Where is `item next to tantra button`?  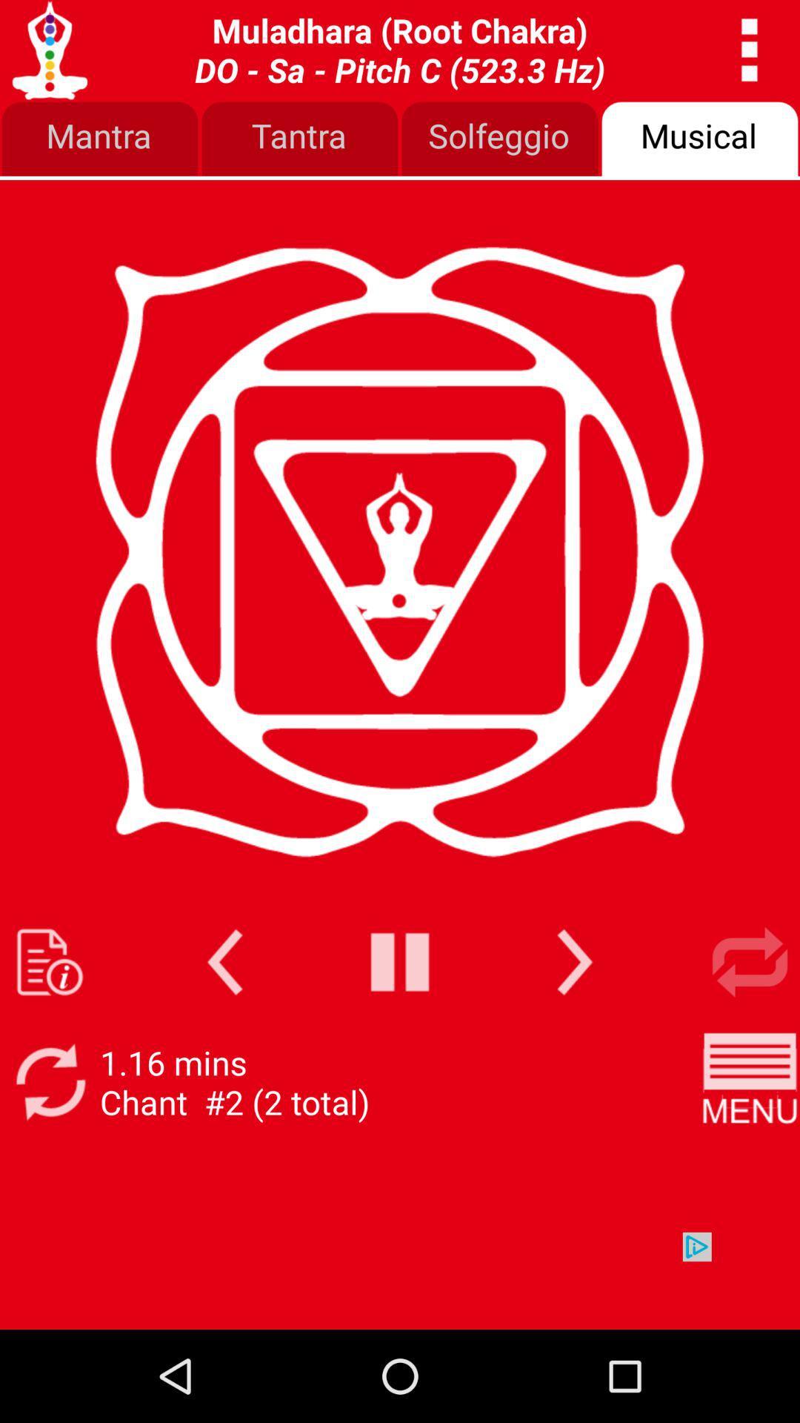 item next to tantra button is located at coordinates (100, 139).